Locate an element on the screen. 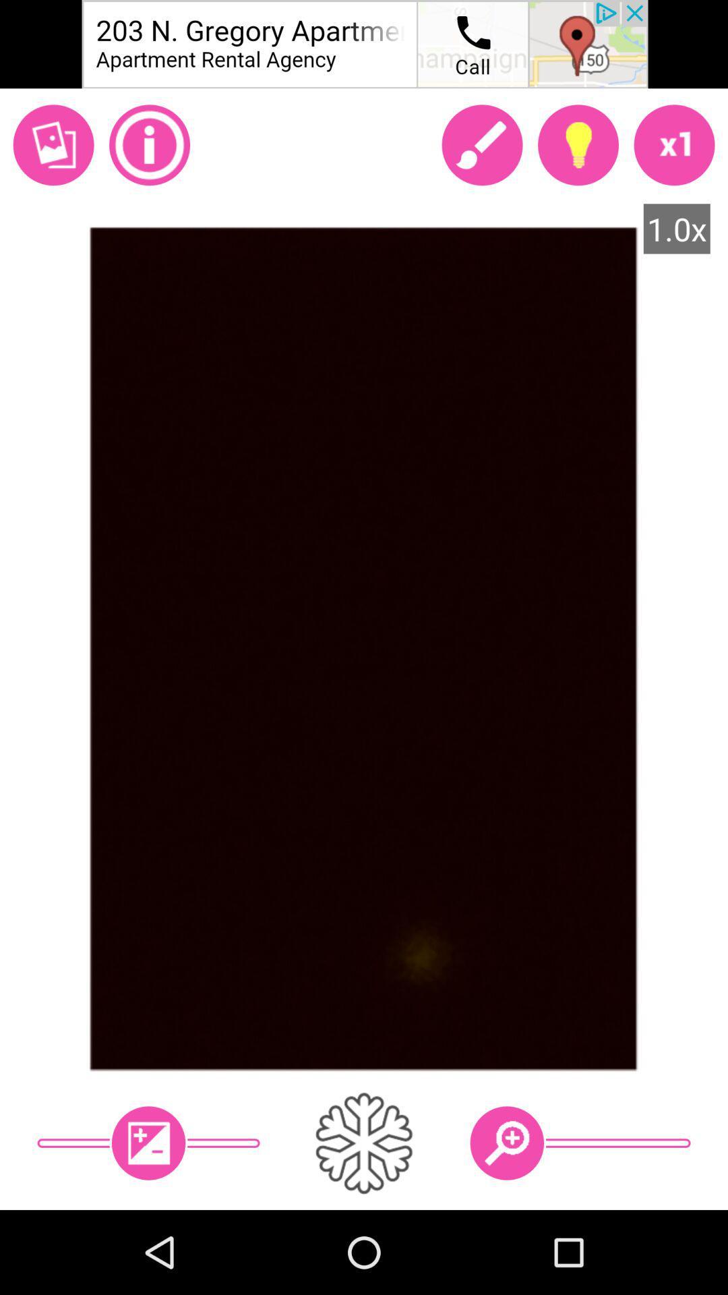 This screenshot has height=1295, width=728. brush option is located at coordinates (481, 145).